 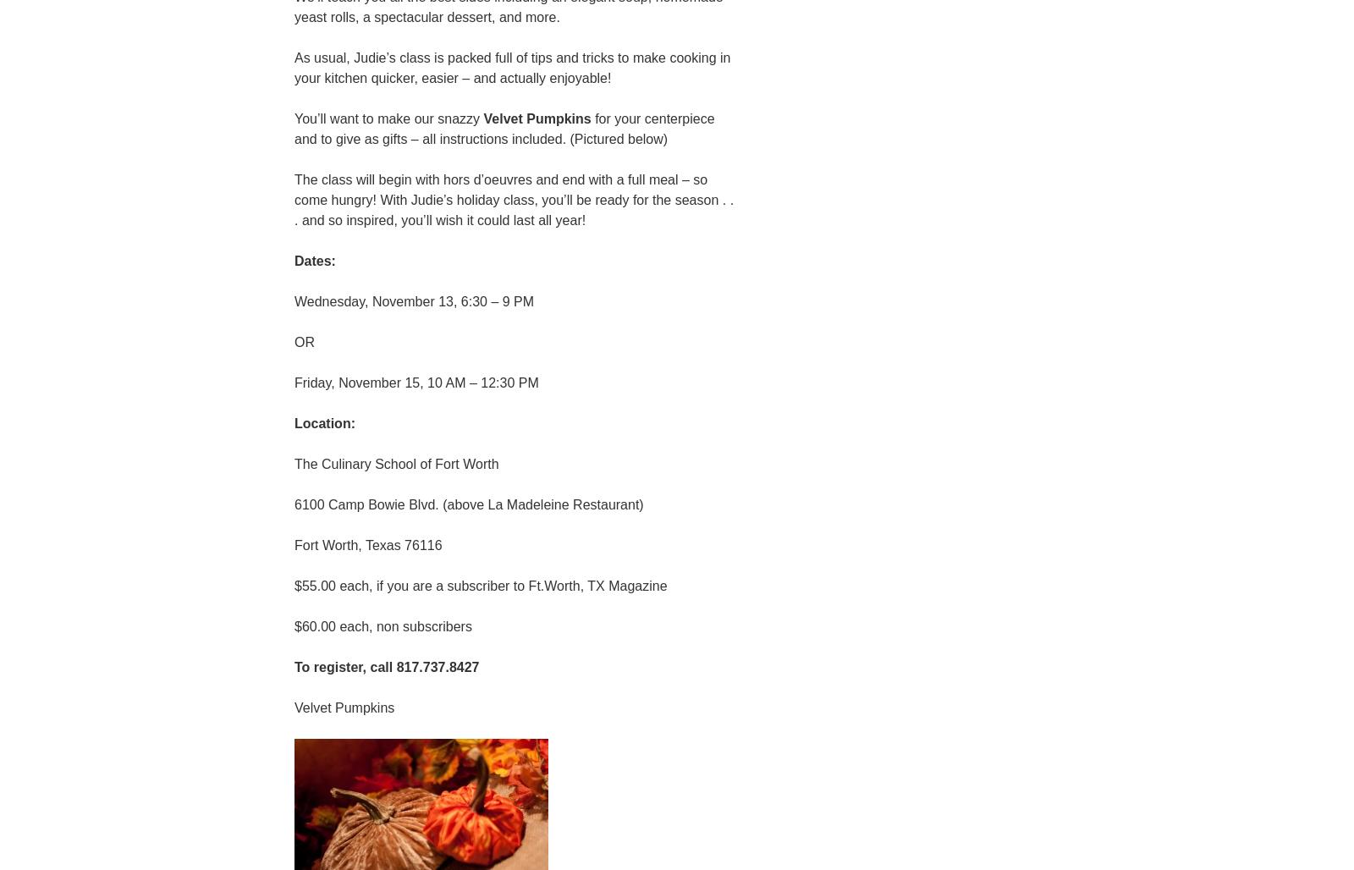 I want to click on 'The class will begin with hors d’oeuvres and end with a full meal – so come hungry! With Judie’s holiday class, you’ll be ready for the season . . . and so inspired, you’ll wish it could last all year!', so click(x=294, y=198).